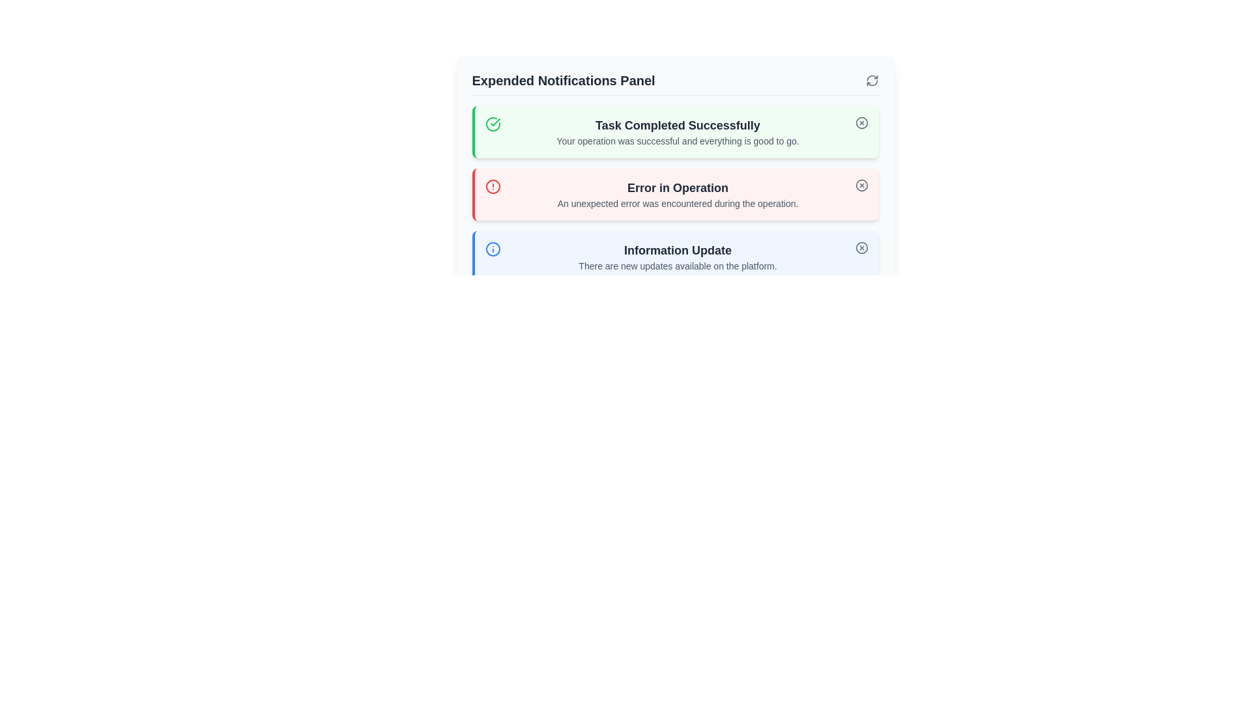 This screenshot has height=703, width=1251. I want to click on the warning icon on the Notification Card with a red border, so click(675, 195).